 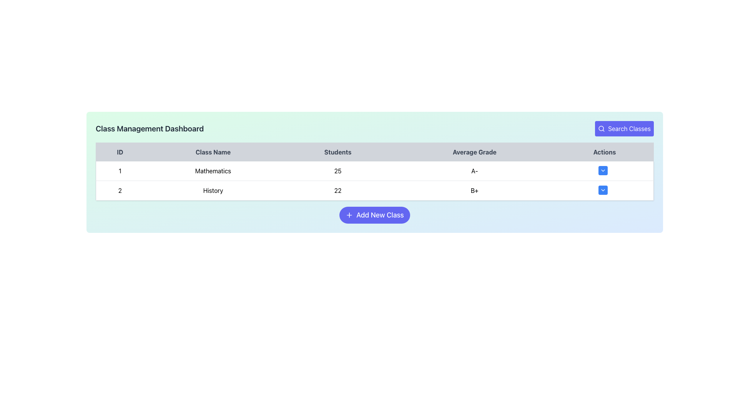 I want to click on the 'Average Grade' label, which is the fourth item in the header row of a table, displaying the text in bold typography and centered within its cell, so click(x=474, y=152).